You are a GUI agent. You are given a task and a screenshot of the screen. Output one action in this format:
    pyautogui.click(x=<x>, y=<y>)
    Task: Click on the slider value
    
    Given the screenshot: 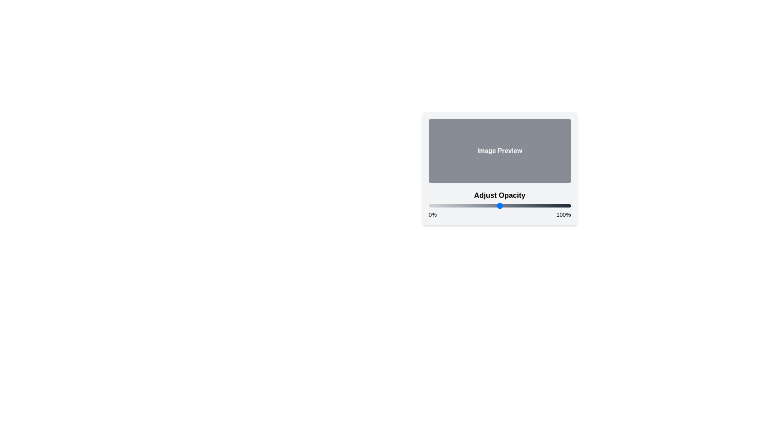 What is the action you would take?
    pyautogui.click(x=464, y=205)
    